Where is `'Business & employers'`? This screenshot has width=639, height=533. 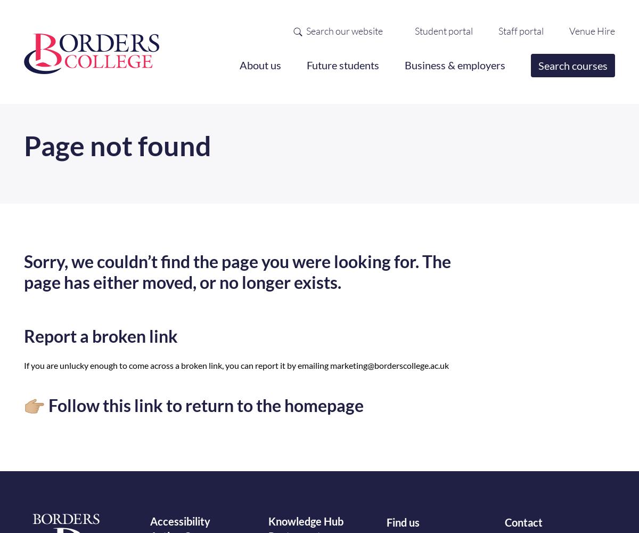 'Business & employers' is located at coordinates (454, 64).